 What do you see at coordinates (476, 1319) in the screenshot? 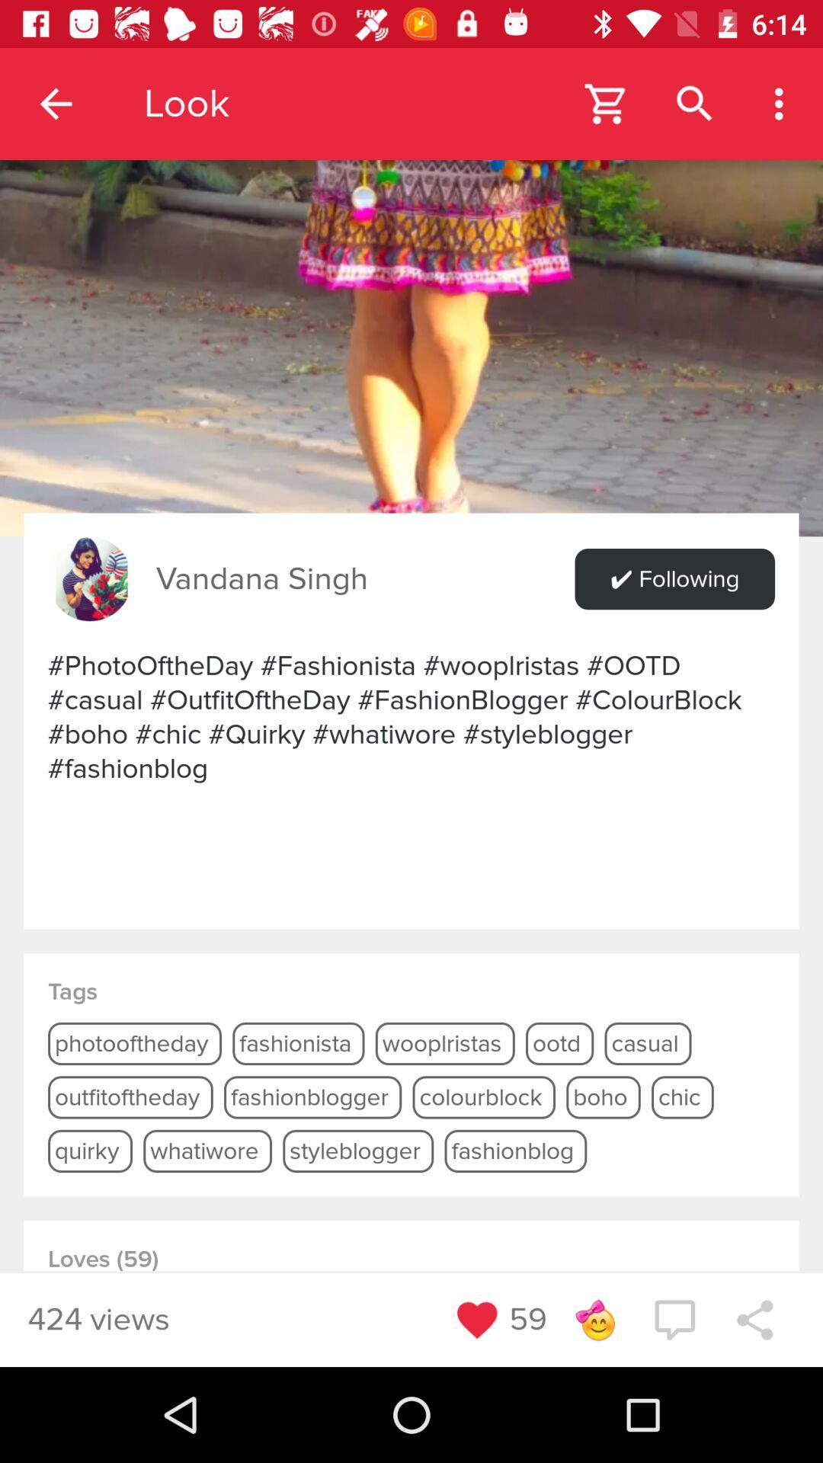
I see `this button to activate the like` at bounding box center [476, 1319].